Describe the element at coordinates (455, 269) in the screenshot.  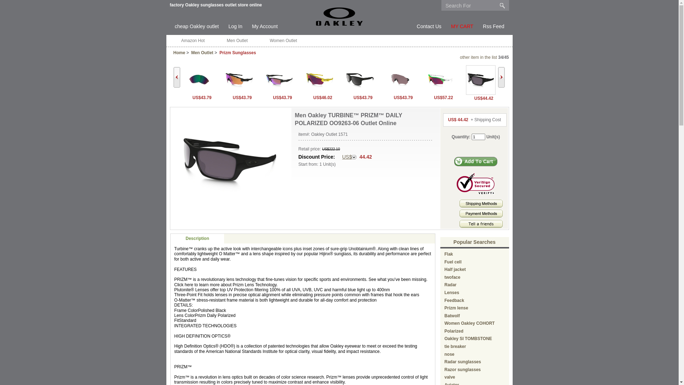
I see `'Half jacket'` at that location.